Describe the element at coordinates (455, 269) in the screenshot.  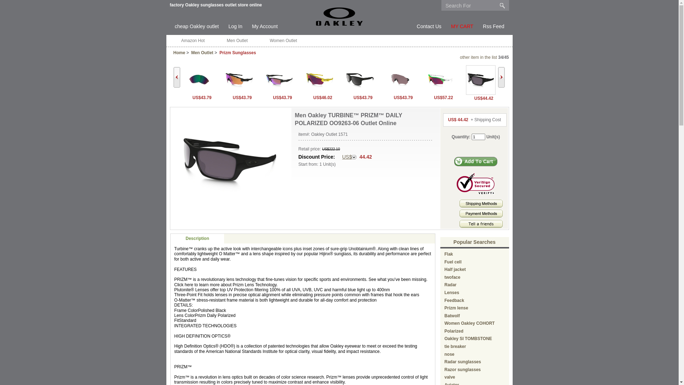
I see `'Half jacket'` at that location.